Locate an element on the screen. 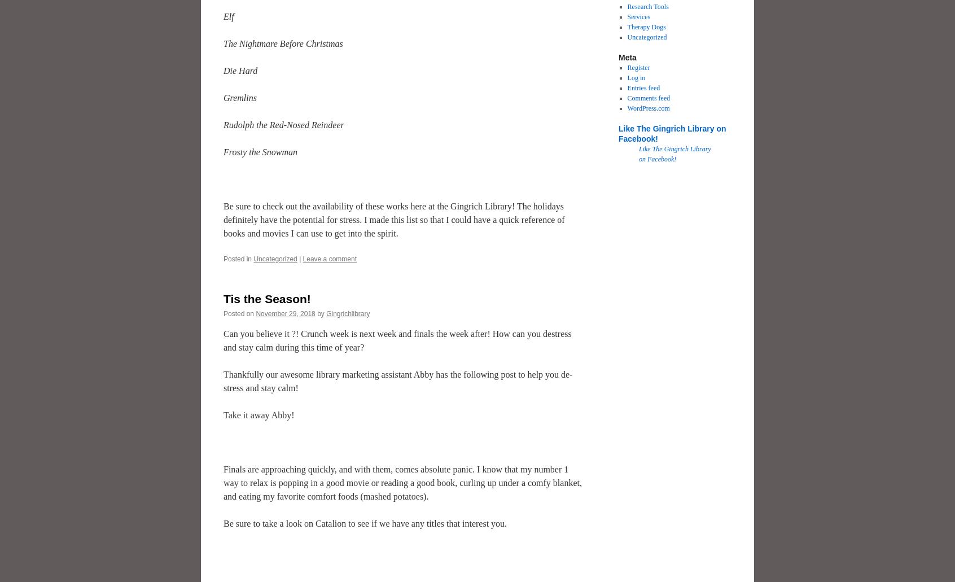  'Log in' is located at coordinates (636, 77).